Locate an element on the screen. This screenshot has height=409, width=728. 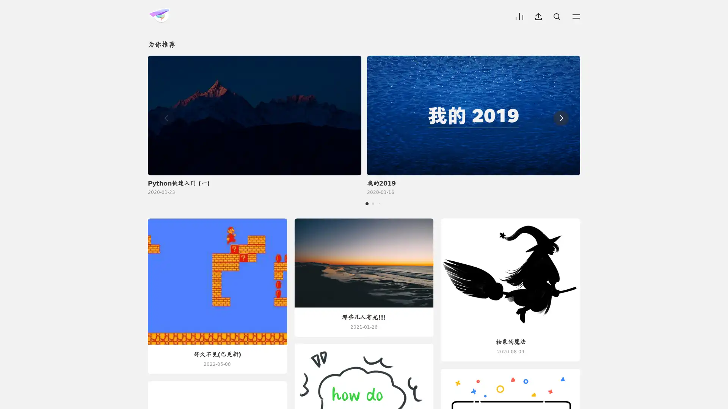
Go to slide 3 is located at coordinates (378, 203).